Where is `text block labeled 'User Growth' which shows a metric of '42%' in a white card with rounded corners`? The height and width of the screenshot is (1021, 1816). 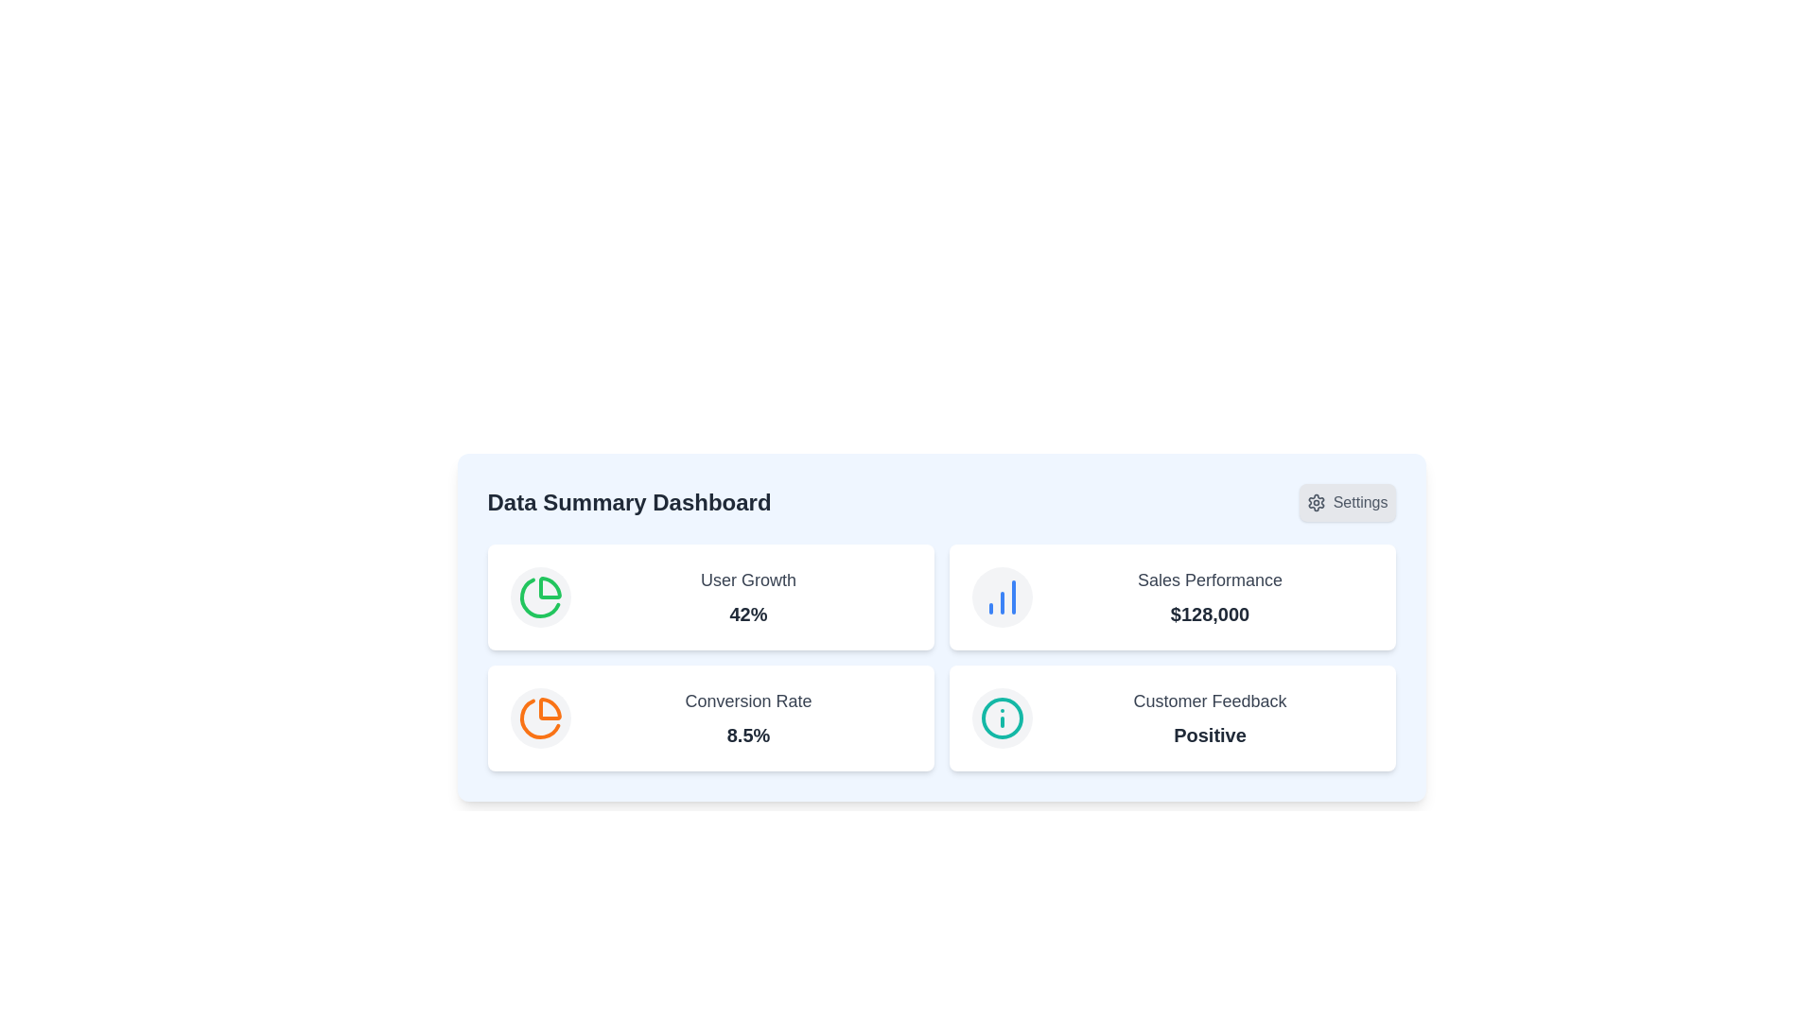 text block labeled 'User Growth' which shows a metric of '42%' in a white card with rounded corners is located at coordinates (747, 597).